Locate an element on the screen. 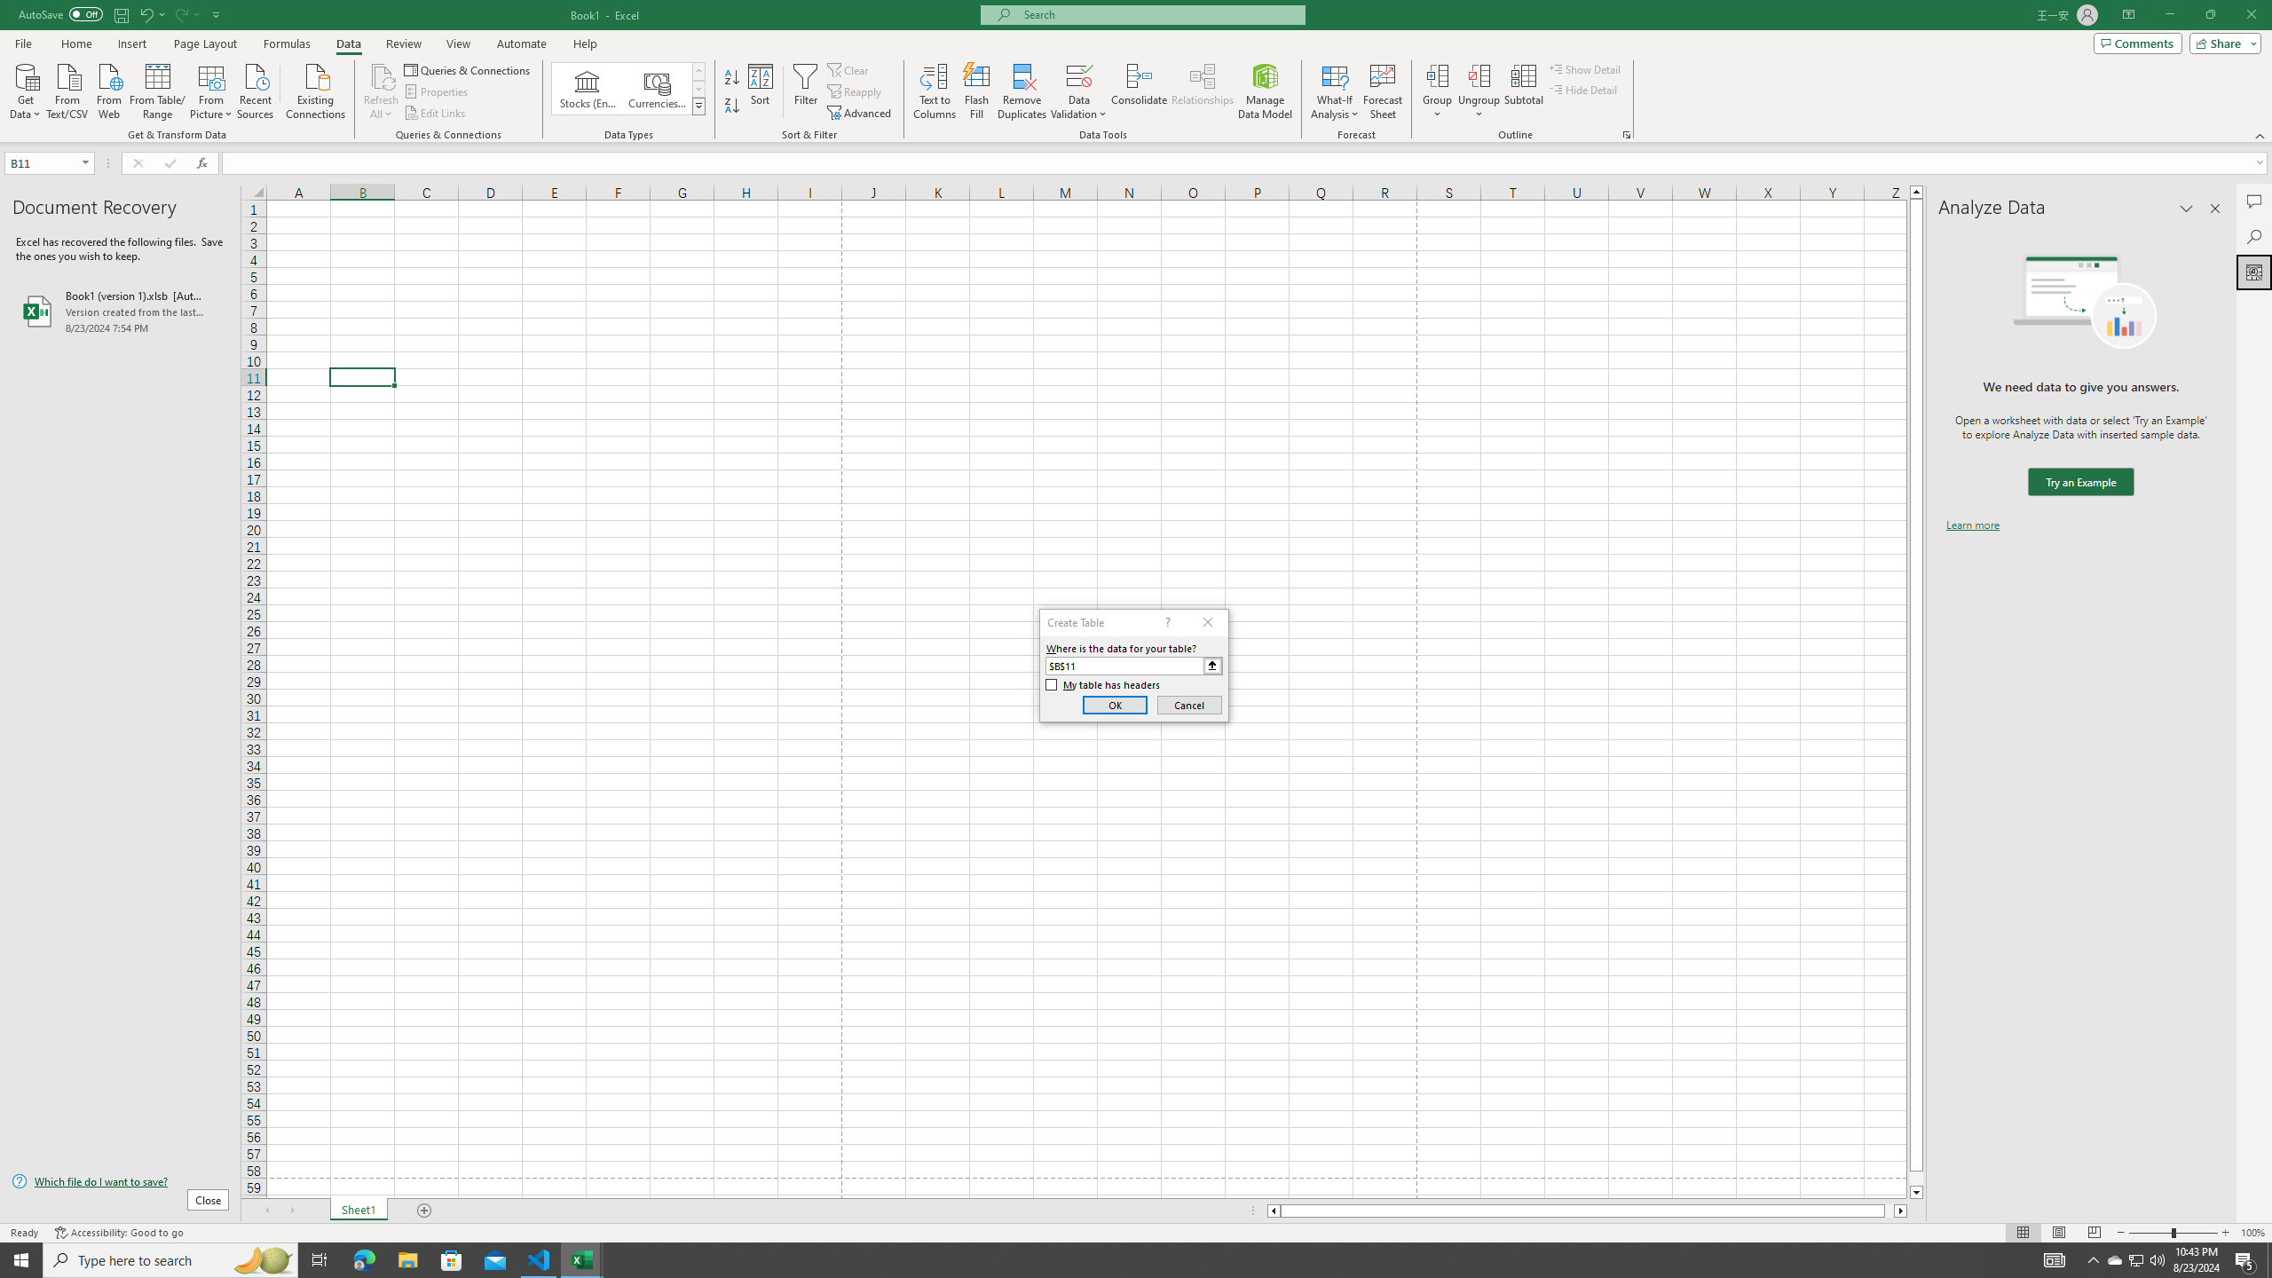 The height and width of the screenshot is (1278, 2272). 'From Web' is located at coordinates (108, 89).